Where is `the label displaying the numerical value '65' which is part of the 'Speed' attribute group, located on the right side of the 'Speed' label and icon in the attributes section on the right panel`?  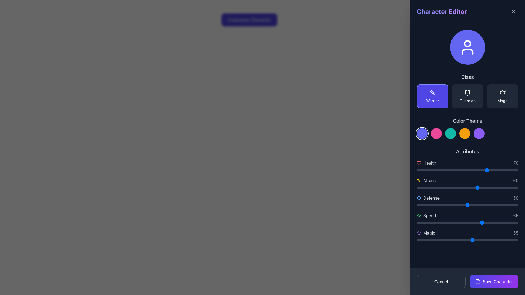 the label displaying the numerical value '65' which is part of the 'Speed' attribute group, located on the right side of the 'Speed' label and icon in the attributes section on the right panel is located at coordinates (515, 215).